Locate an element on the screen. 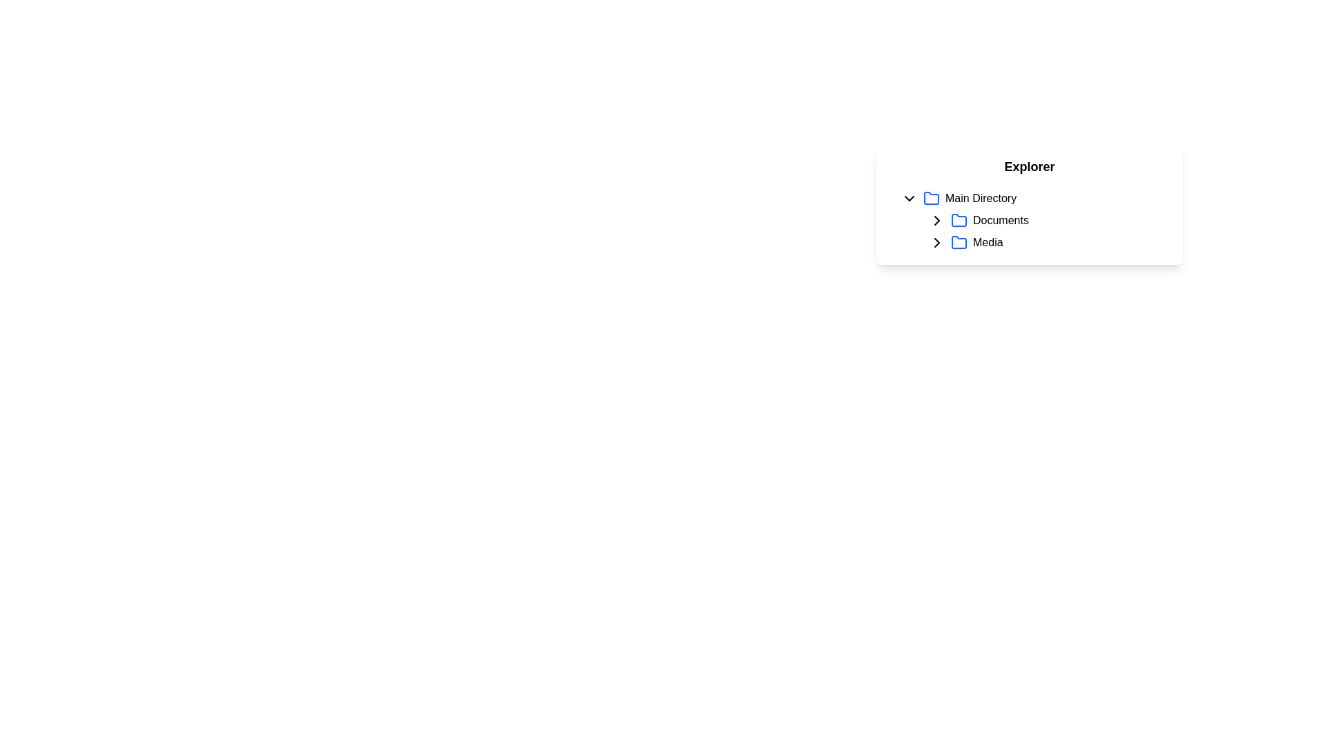 The image size is (1325, 745). the 'Main Directory' text label, which is styled with a medium font weight and black color, located next to a folder icon in a horizontal layout is located at coordinates (980, 199).